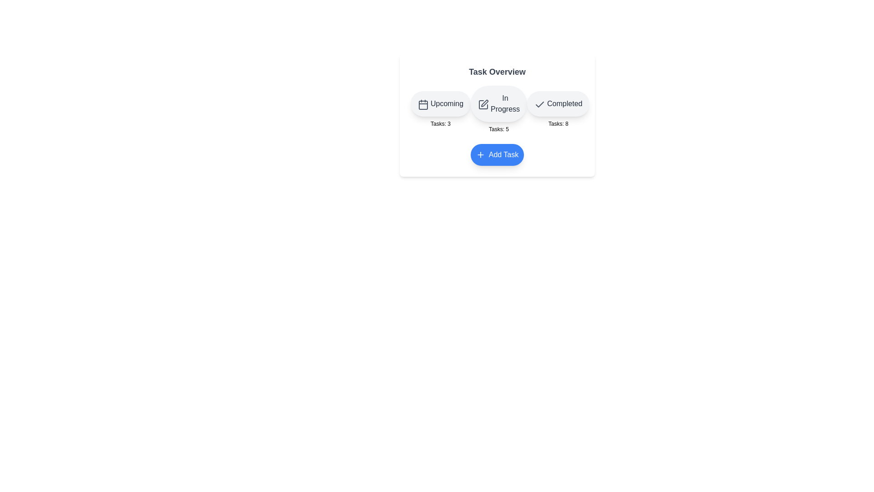 The image size is (874, 492). I want to click on the In Progress button to interact with the corresponding category, so click(498, 103).